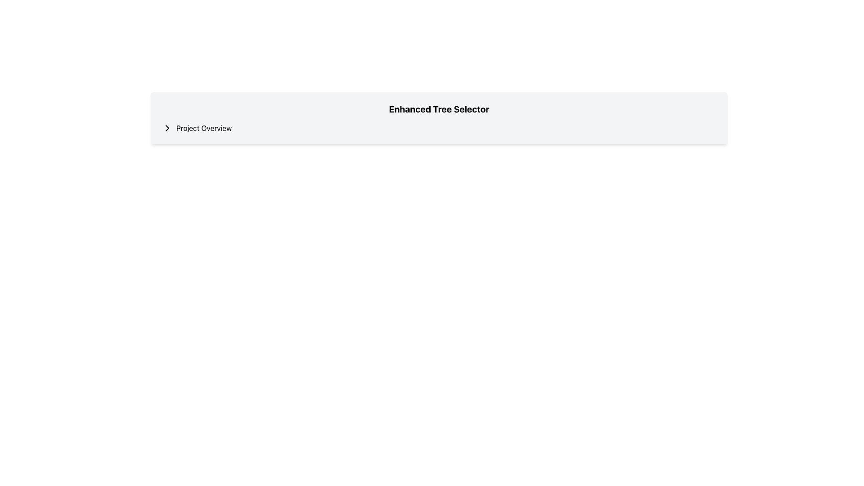  Describe the element at coordinates (439, 109) in the screenshot. I see `the header text 'Enhanced Tree Selector', which is displayed prominently in a bold and large font at the top center of the interface` at that location.